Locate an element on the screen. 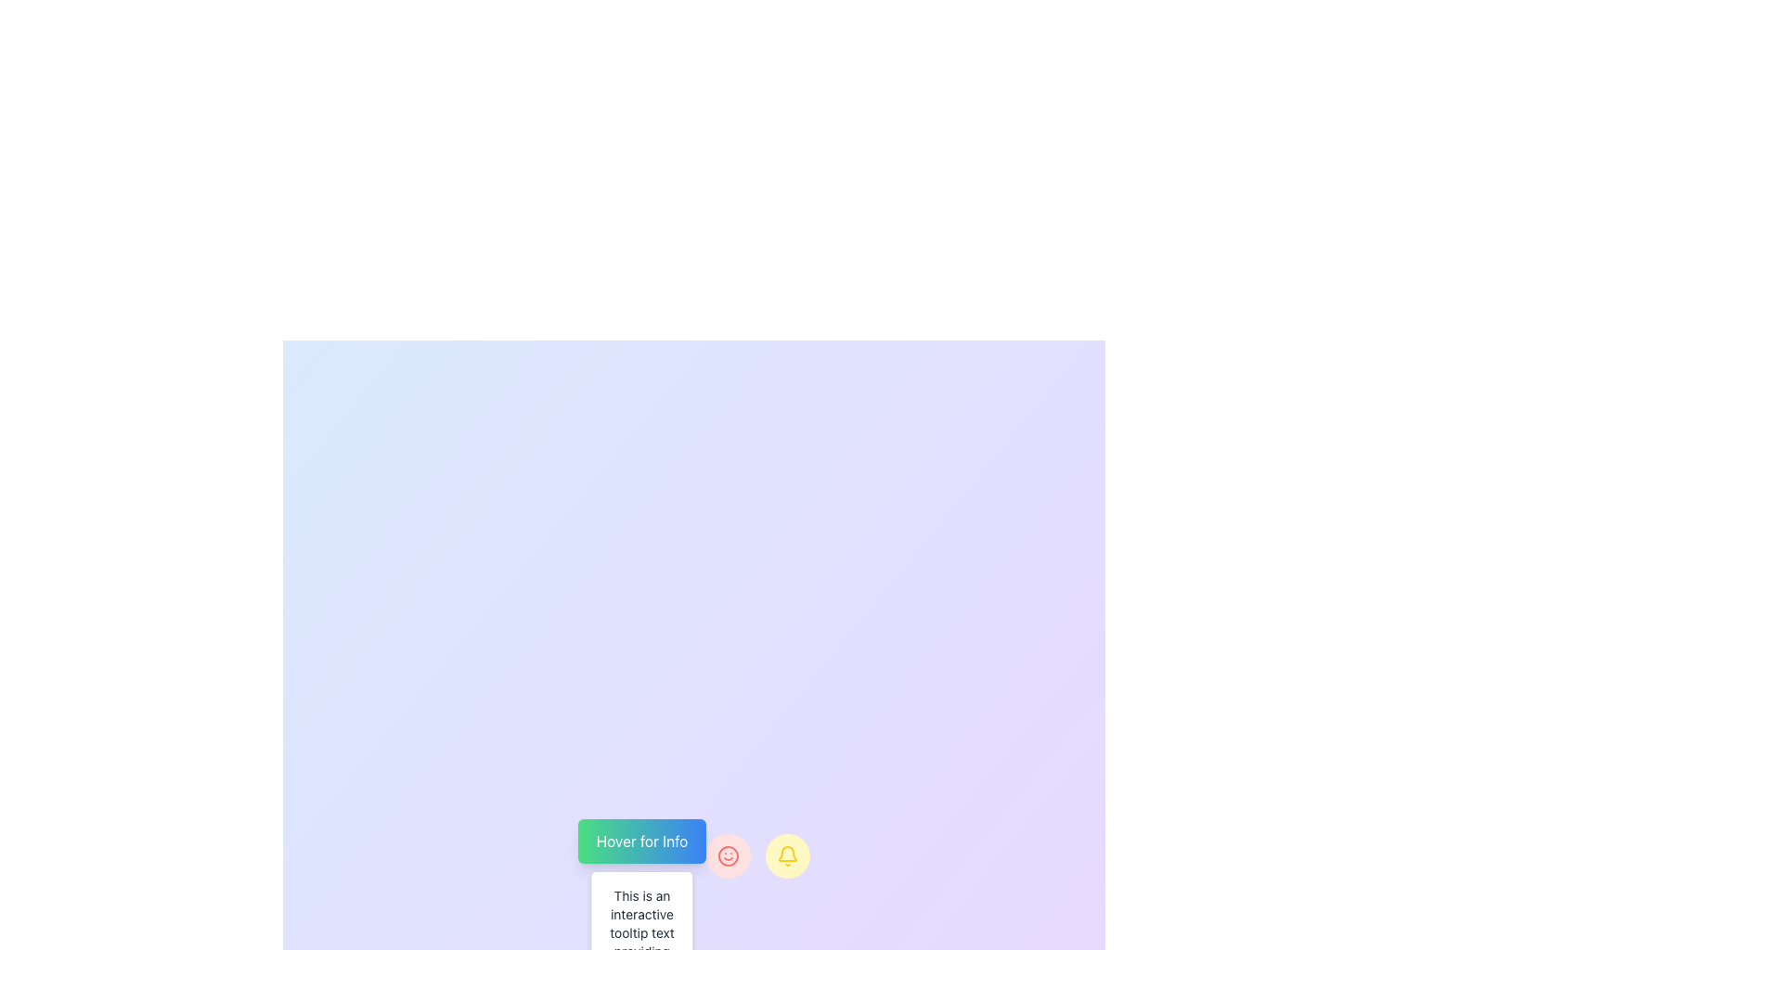 This screenshot has height=1002, width=1782. the notification bell icon located at the bottom-right area of the interface is located at coordinates (788, 854).